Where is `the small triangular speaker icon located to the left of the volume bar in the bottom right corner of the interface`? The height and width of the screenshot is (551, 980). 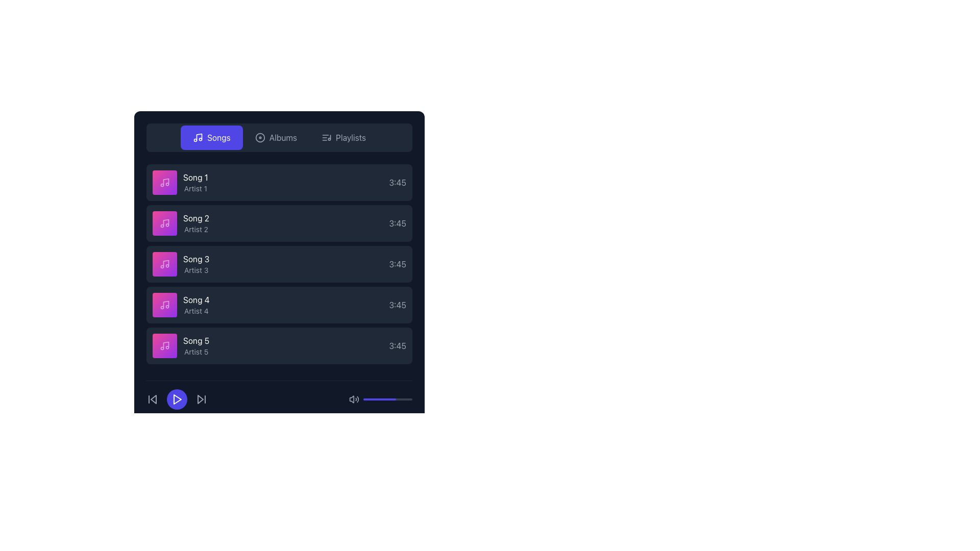 the small triangular speaker icon located to the left of the volume bar in the bottom right corner of the interface is located at coordinates (352, 399).